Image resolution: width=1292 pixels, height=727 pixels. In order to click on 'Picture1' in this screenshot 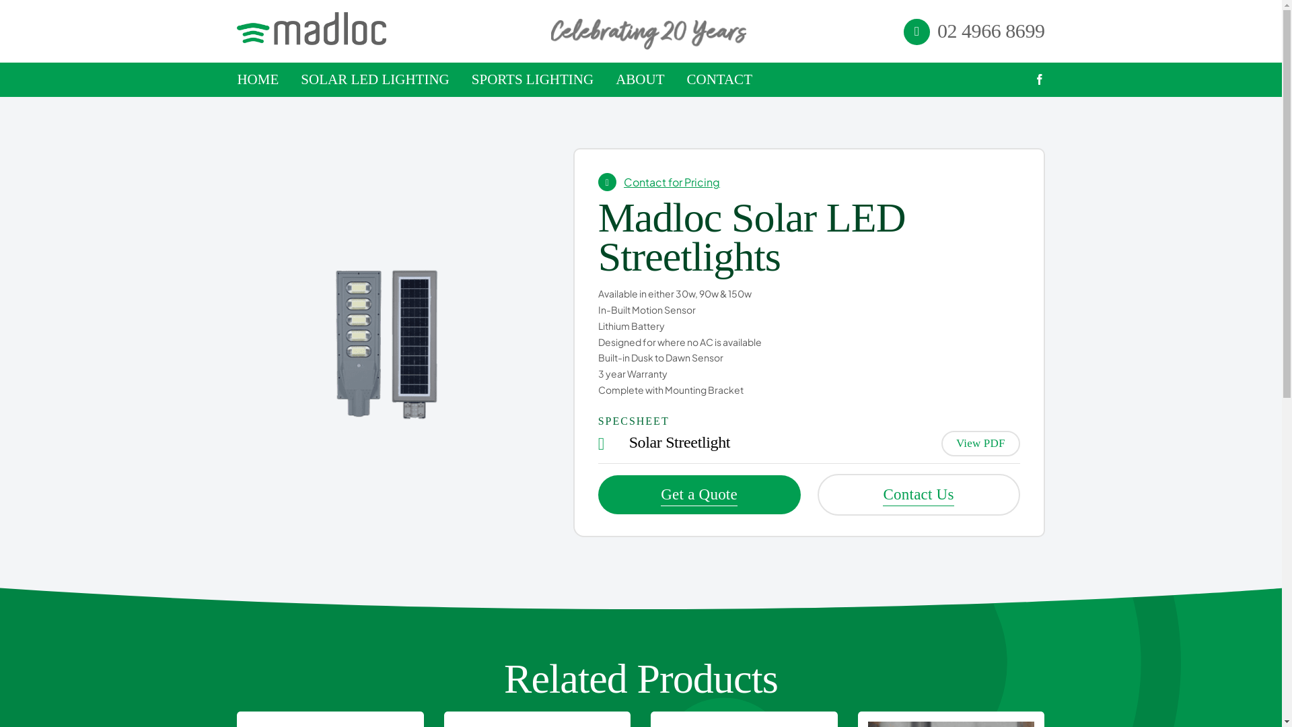, I will do `click(388, 342)`.